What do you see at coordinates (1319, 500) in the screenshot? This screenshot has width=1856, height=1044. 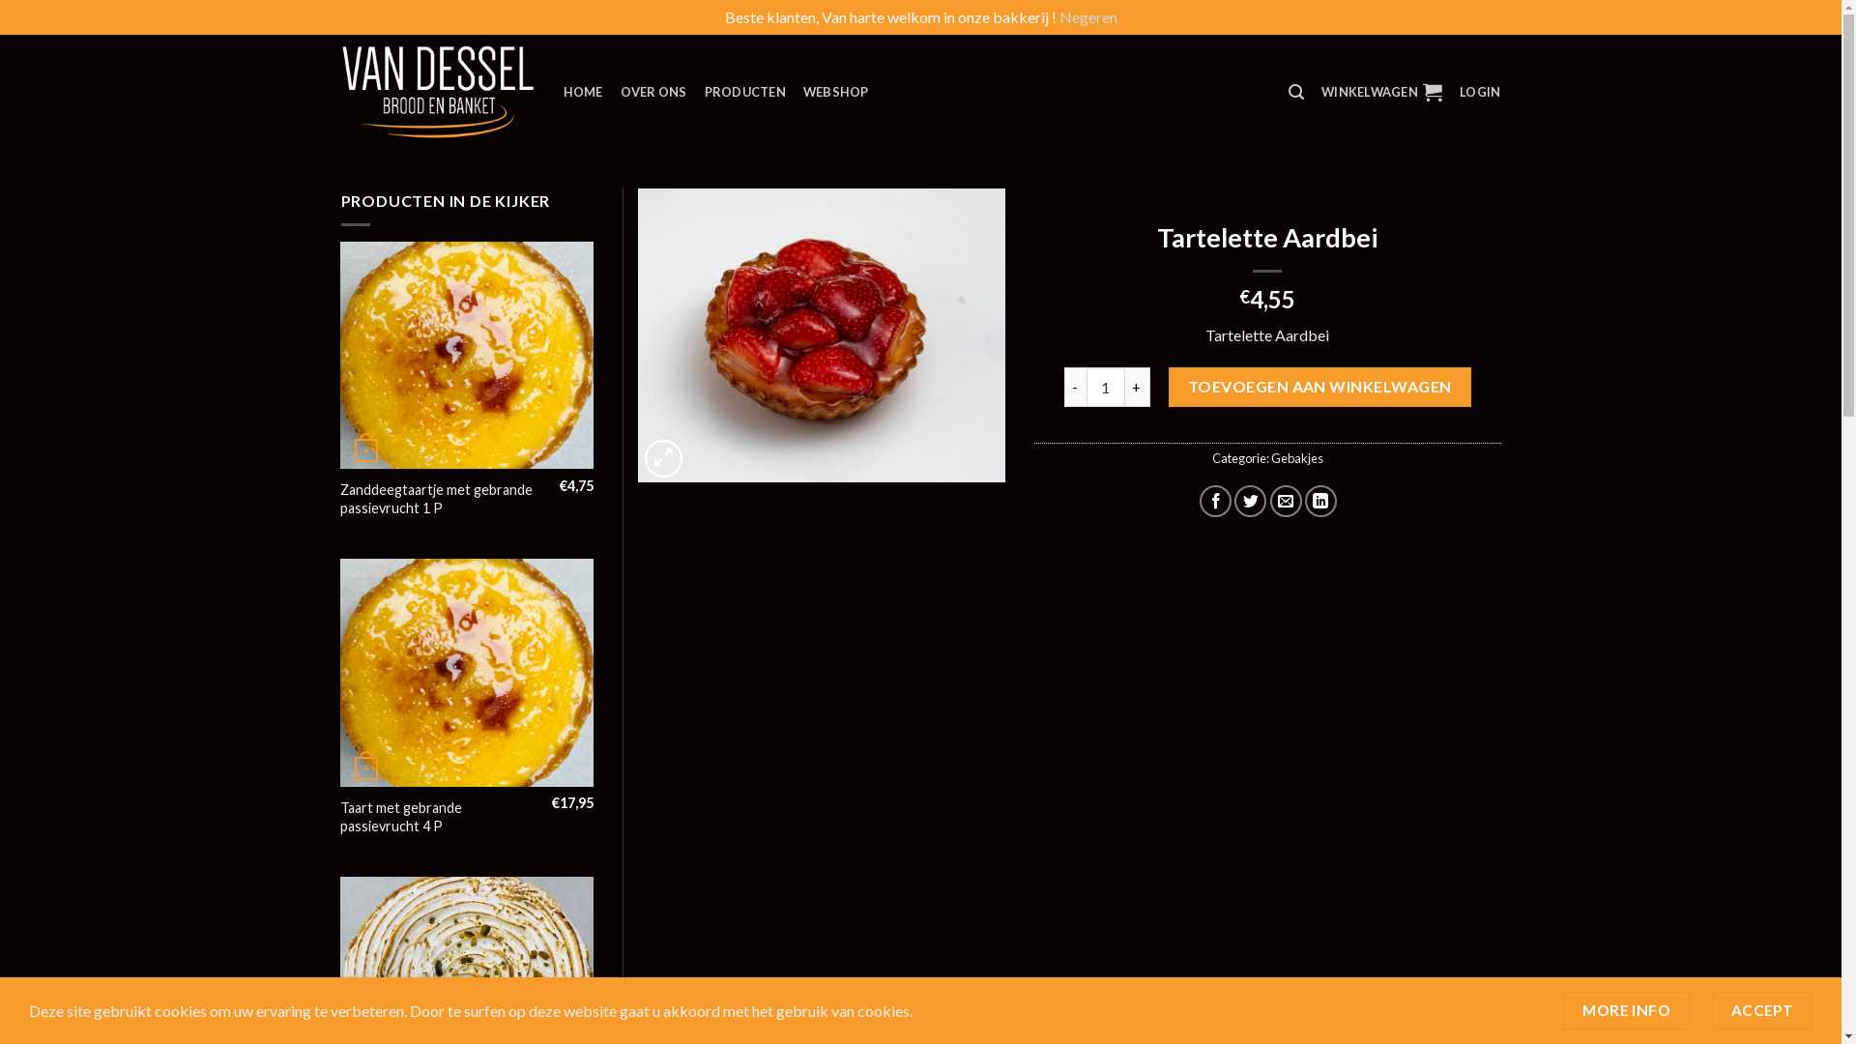 I see `'Share on LinkedIn'` at bounding box center [1319, 500].